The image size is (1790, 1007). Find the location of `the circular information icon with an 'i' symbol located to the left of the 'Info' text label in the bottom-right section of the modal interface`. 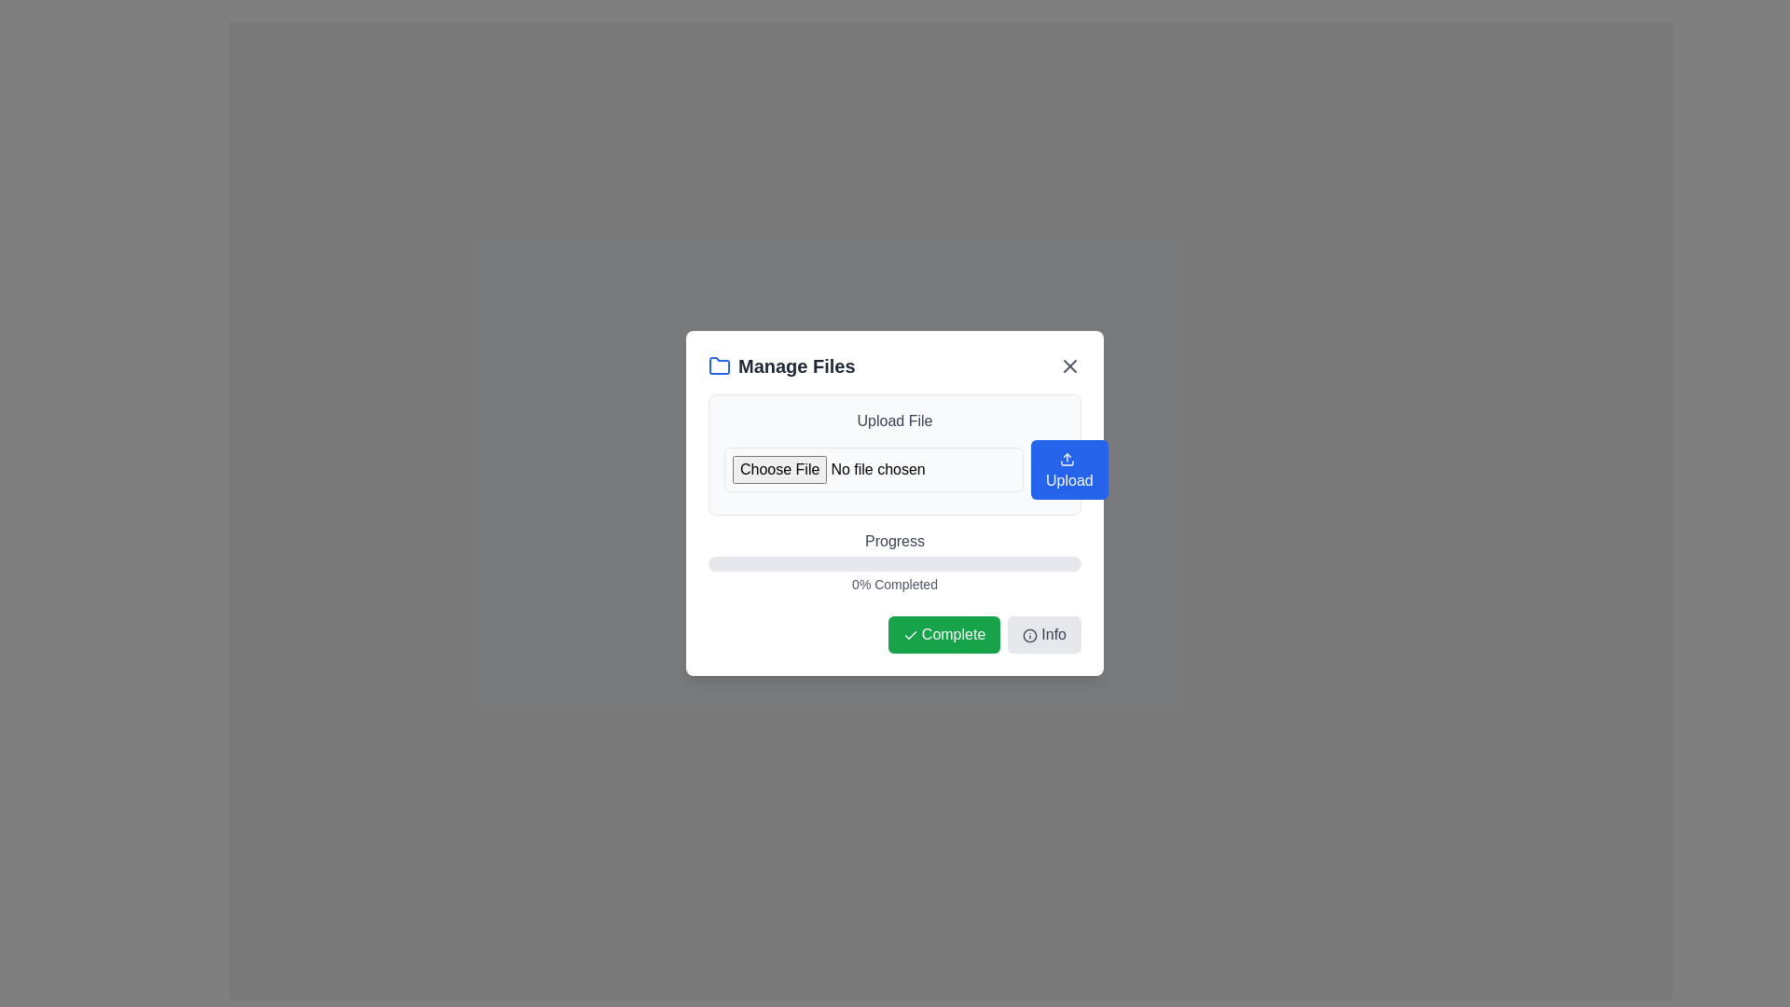

the circular information icon with an 'i' symbol located to the left of the 'Info' text label in the bottom-right section of the modal interface is located at coordinates (1029, 634).